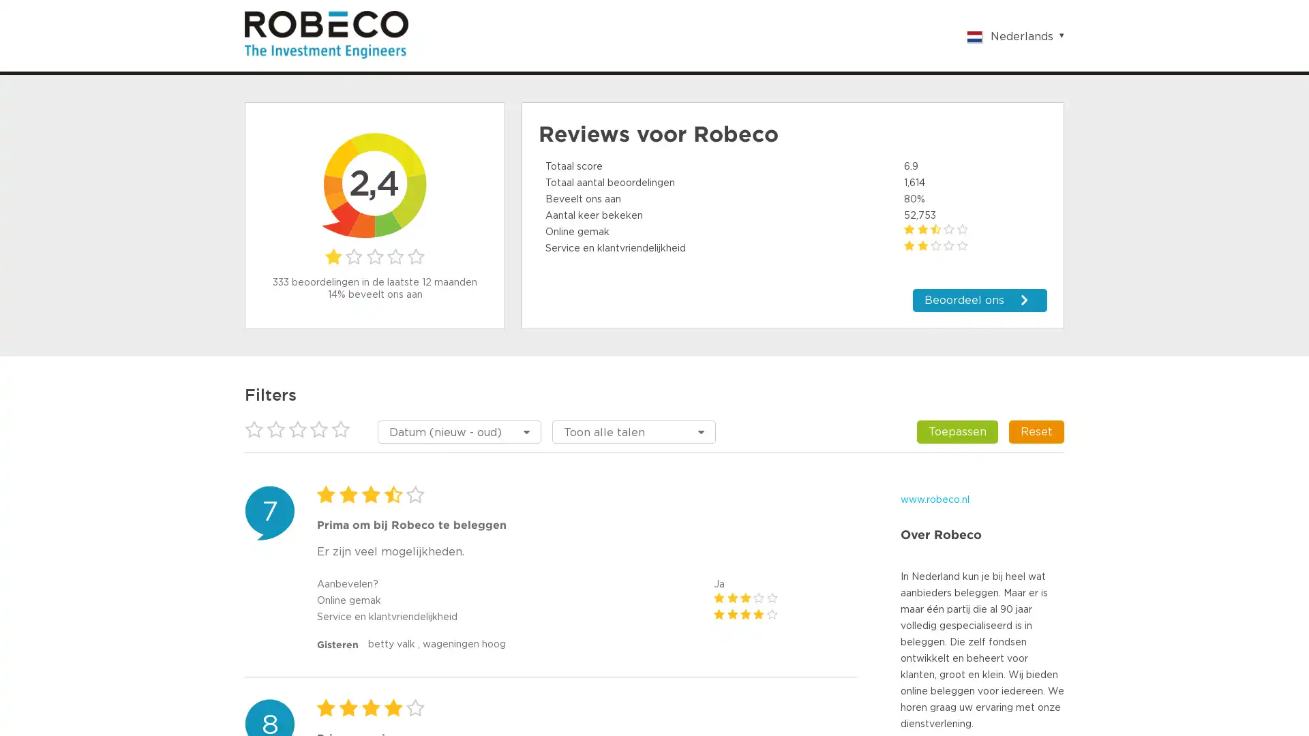 The height and width of the screenshot is (736, 1309). Describe the element at coordinates (957, 431) in the screenshot. I see `Toepassen` at that location.